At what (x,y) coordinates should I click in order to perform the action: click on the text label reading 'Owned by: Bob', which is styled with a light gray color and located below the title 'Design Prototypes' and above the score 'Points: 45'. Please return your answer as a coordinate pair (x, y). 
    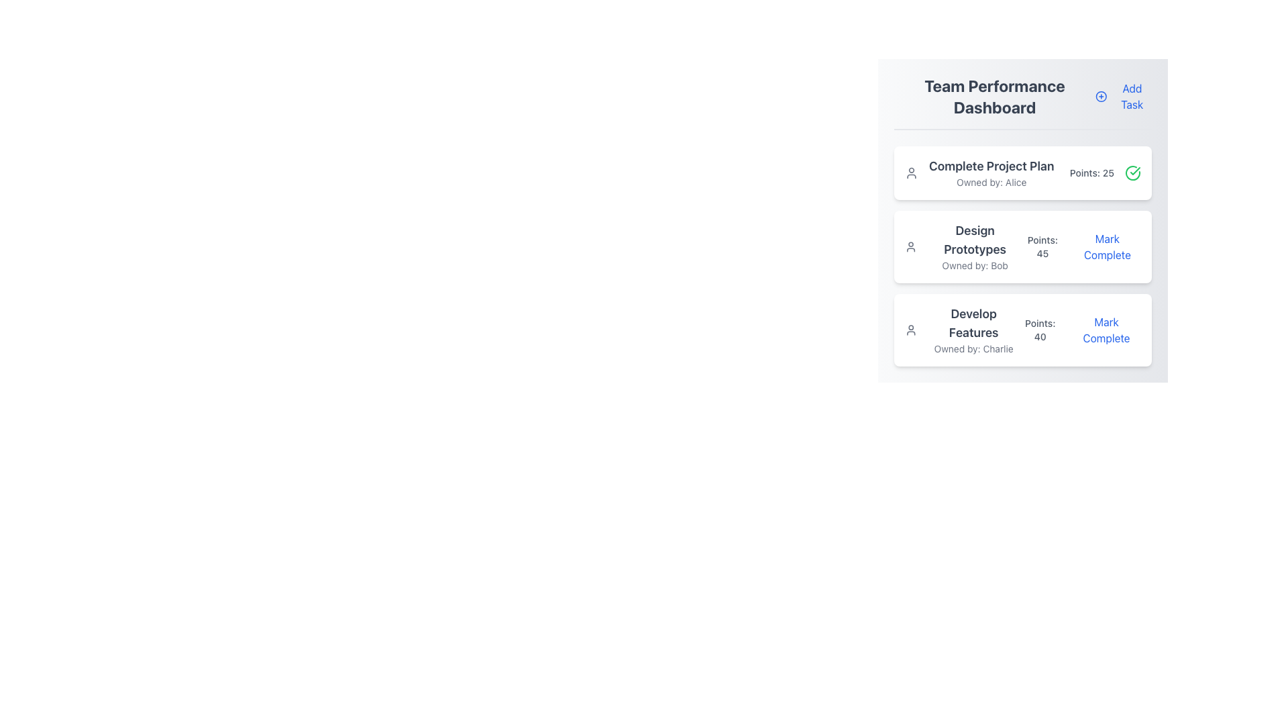
    Looking at the image, I should click on (975, 266).